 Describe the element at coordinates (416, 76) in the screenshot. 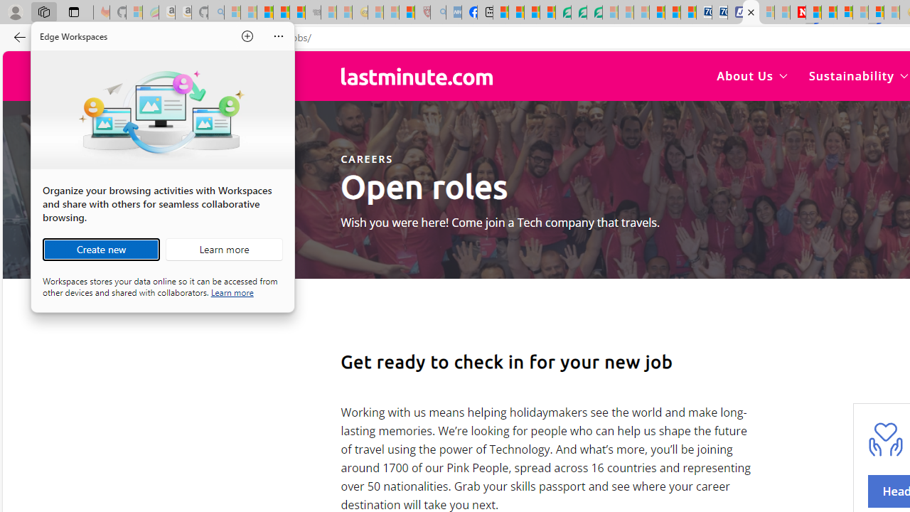

I see `'Class: uk-svg'` at that location.